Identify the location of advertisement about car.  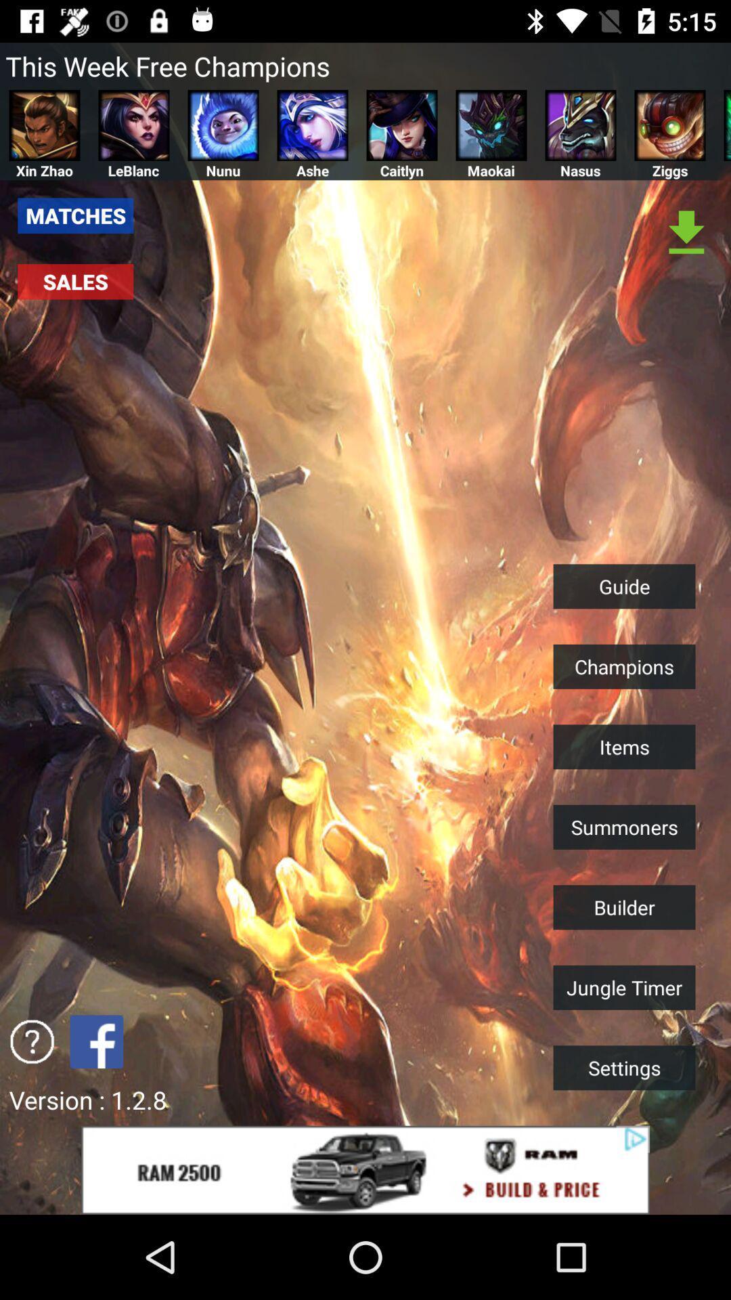
(365, 1169).